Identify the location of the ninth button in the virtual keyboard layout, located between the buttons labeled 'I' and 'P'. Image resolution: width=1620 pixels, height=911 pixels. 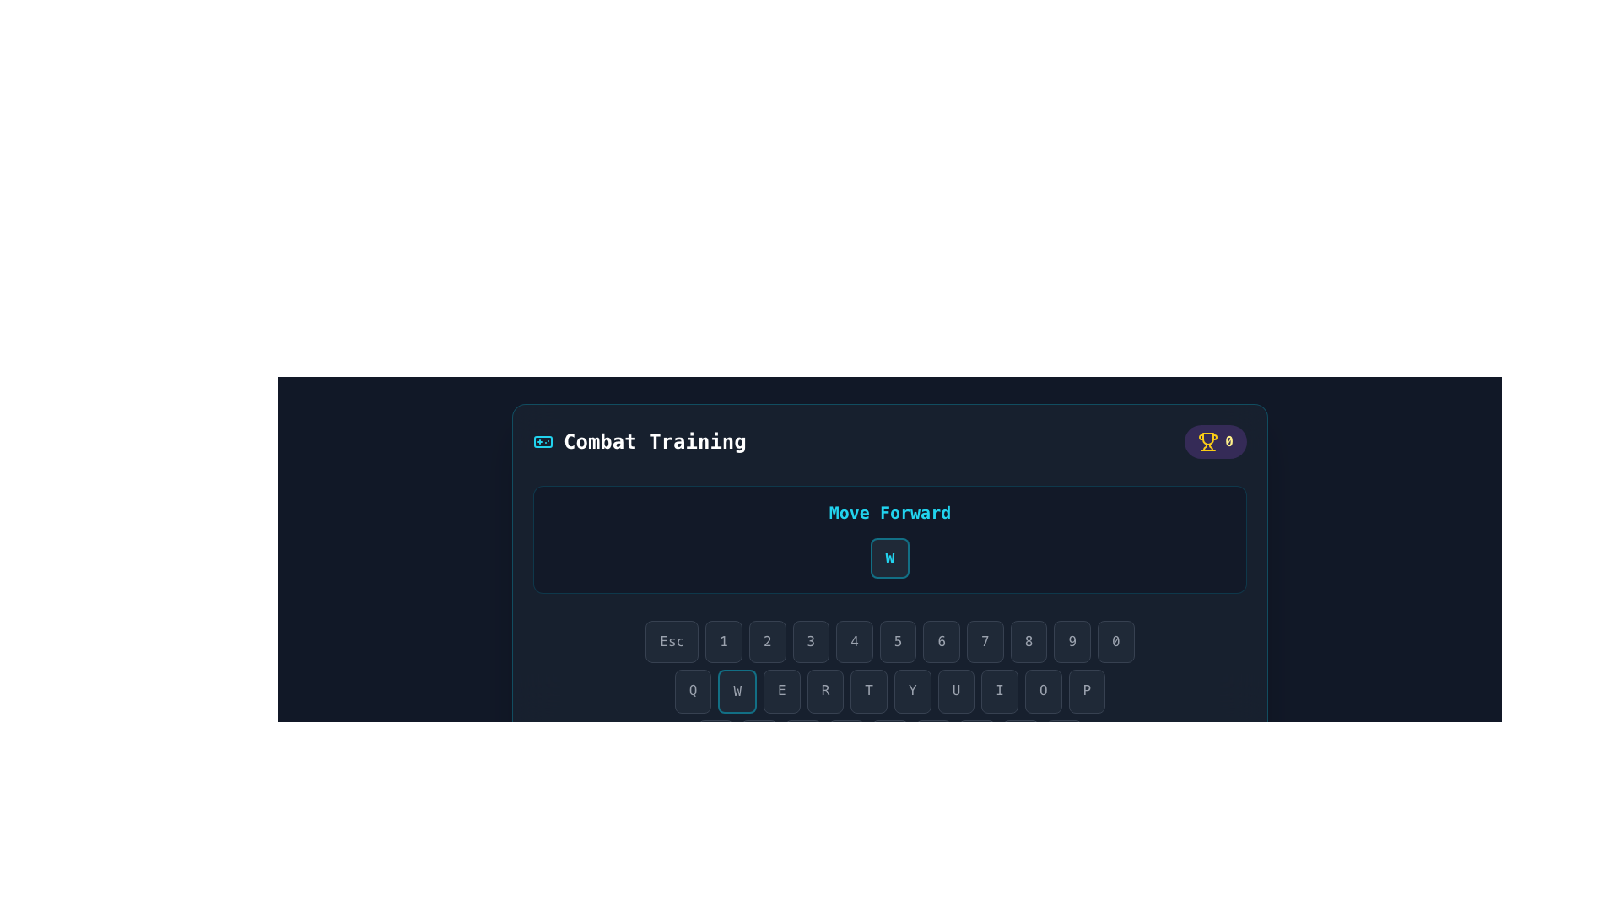
(1042, 692).